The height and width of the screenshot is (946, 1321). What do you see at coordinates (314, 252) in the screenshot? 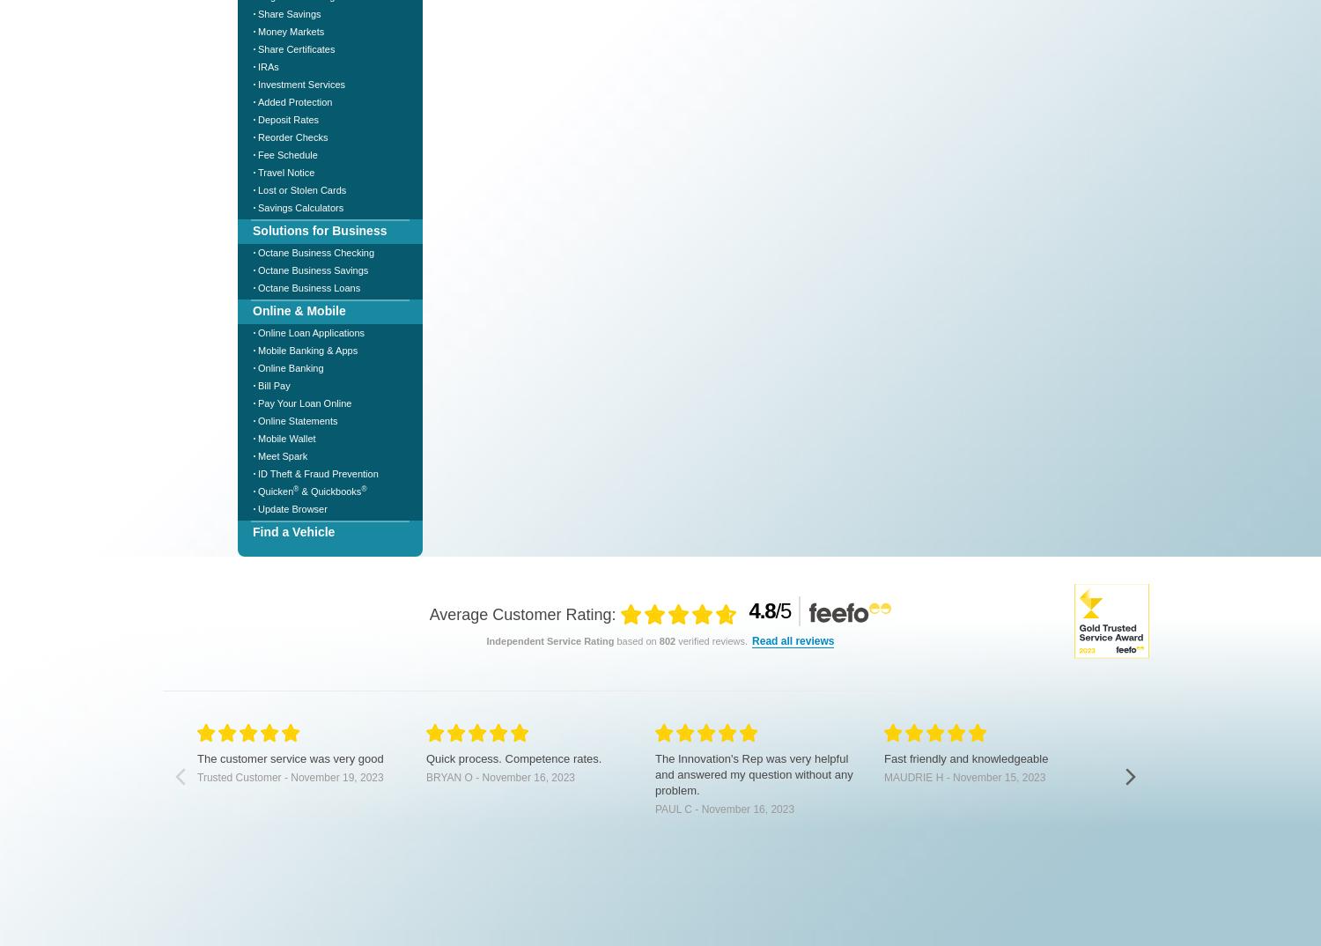
I see `'Octane Business Checking'` at bounding box center [314, 252].